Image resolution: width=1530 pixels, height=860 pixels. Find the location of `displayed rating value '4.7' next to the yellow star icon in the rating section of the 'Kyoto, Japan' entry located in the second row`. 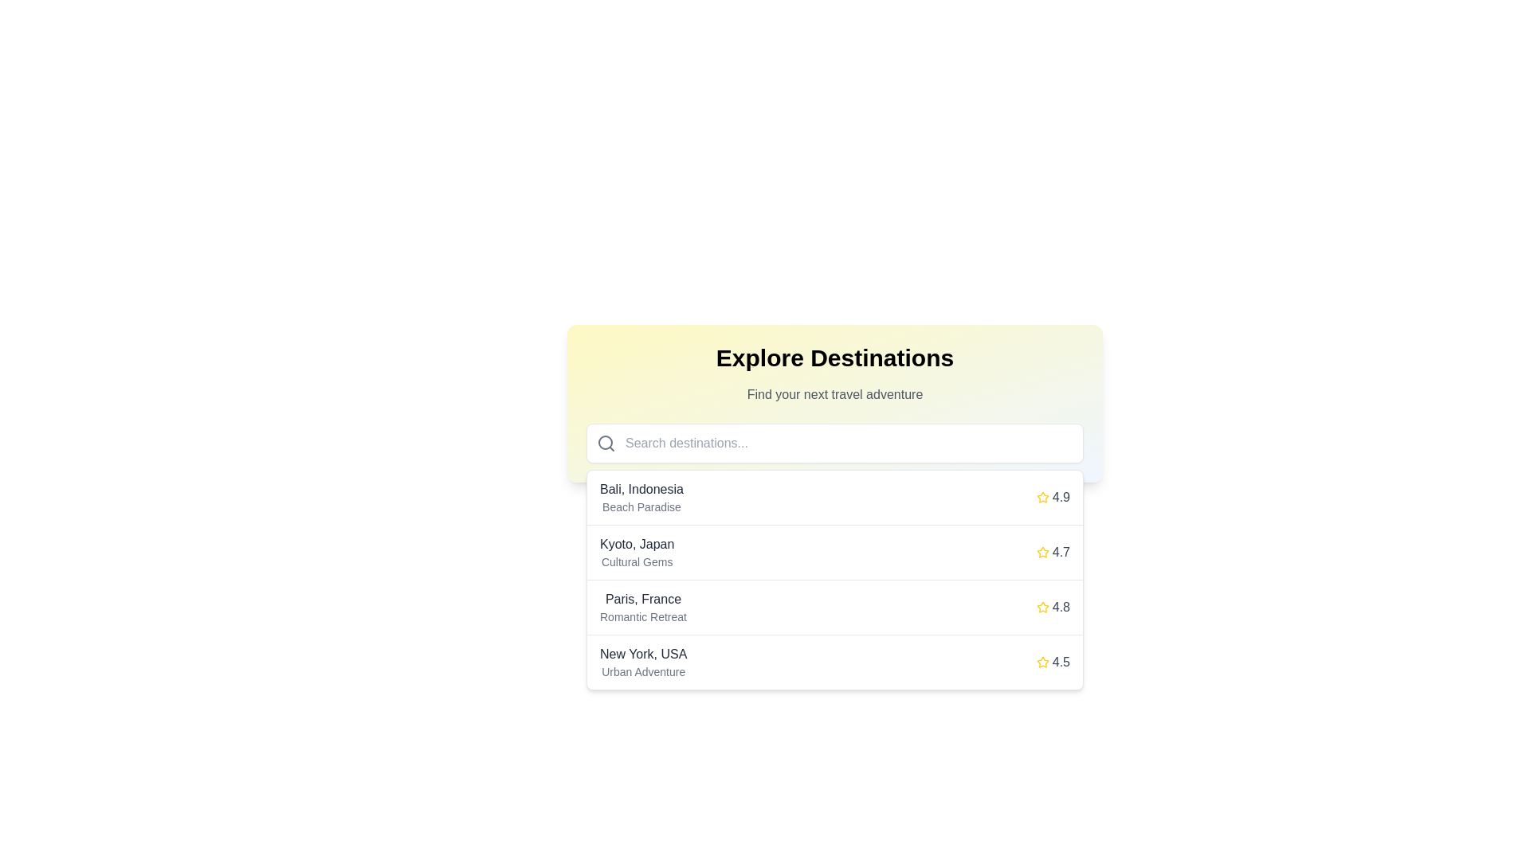

displayed rating value '4.7' next to the yellow star icon in the rating section of the 'Kyoto, Japan' entry located in the second row is located at coordinates (1053, 552).